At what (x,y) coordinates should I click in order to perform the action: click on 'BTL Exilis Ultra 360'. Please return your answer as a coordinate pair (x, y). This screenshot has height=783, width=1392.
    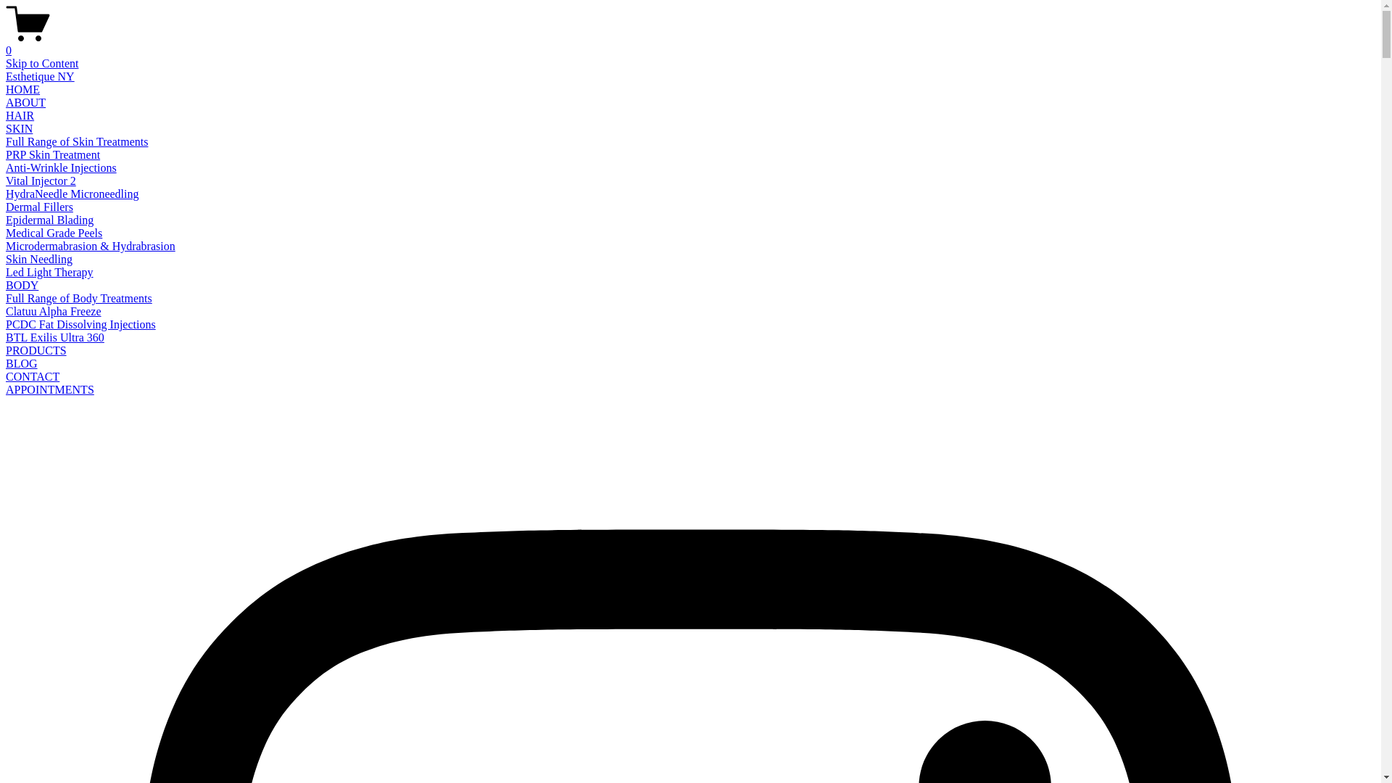
    Looking at the image, I should click on (55, 337).